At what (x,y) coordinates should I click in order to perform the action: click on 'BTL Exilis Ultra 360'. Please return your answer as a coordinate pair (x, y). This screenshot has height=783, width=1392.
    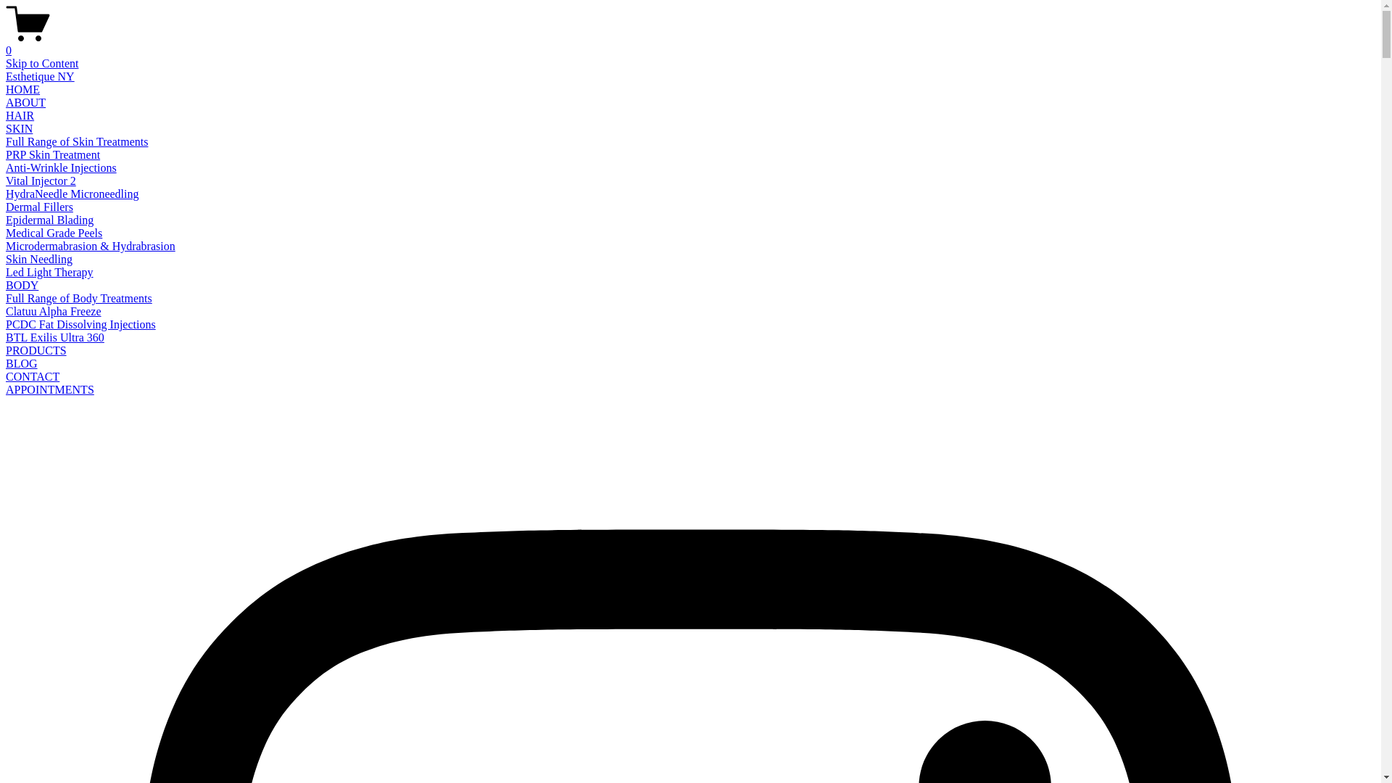
    Looking at the image, I should click on (55, 337).